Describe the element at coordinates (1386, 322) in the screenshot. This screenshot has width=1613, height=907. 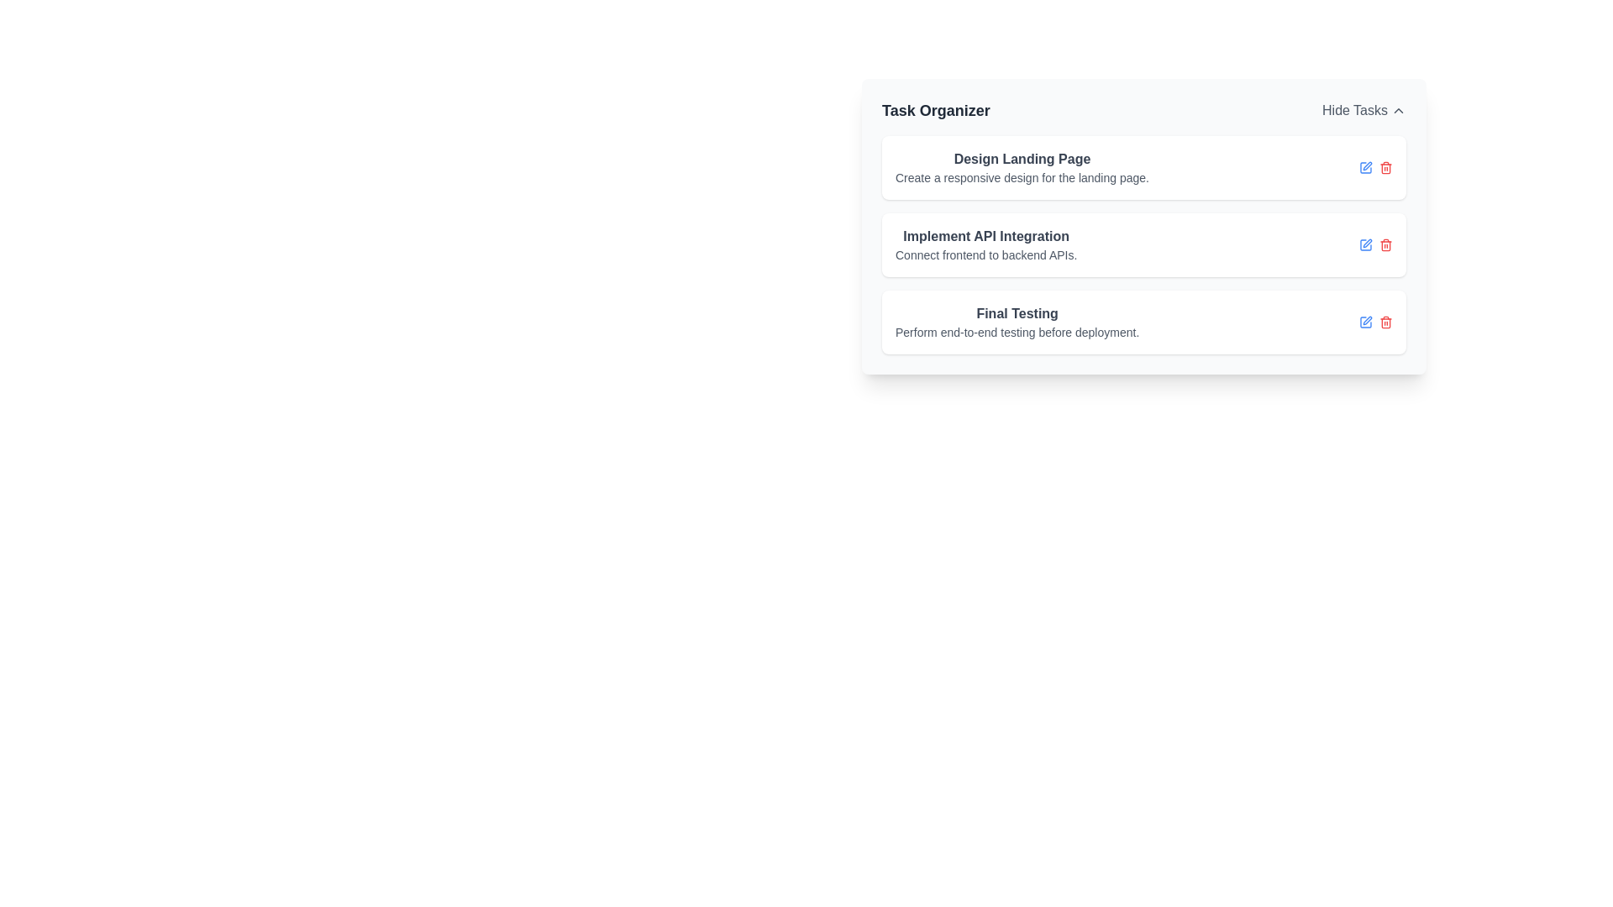
I see `the red trash bin icon, which is styled to indicate a delete function and is located beside the blue pencil edit icon` at that location.